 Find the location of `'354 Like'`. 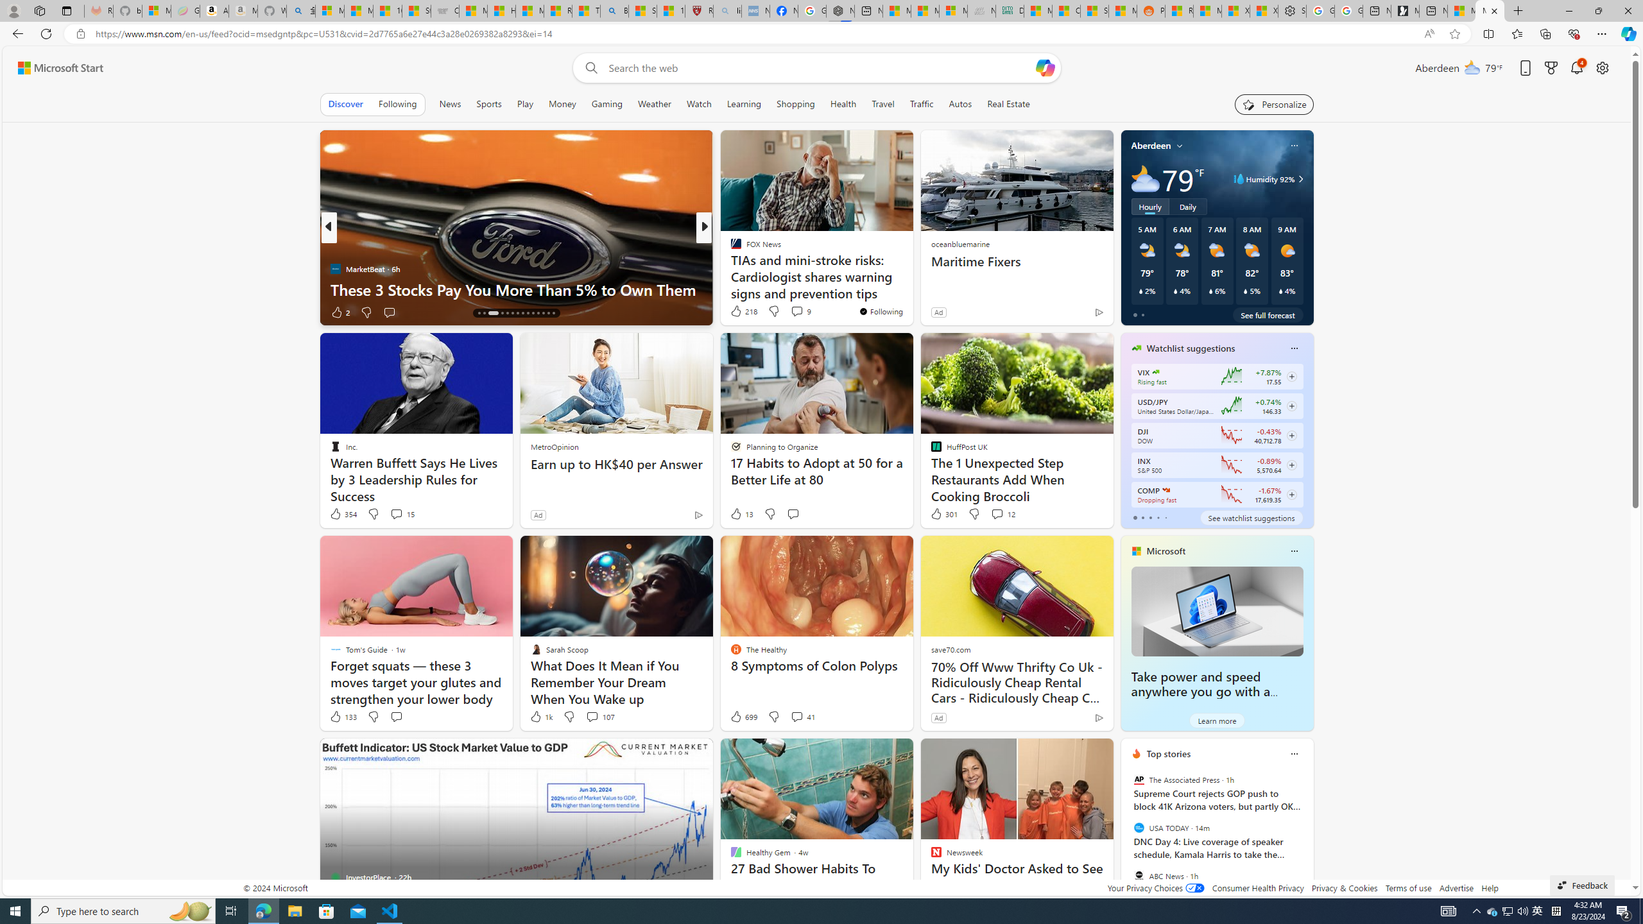

'354 Like' is located at coordinates (342, 513).